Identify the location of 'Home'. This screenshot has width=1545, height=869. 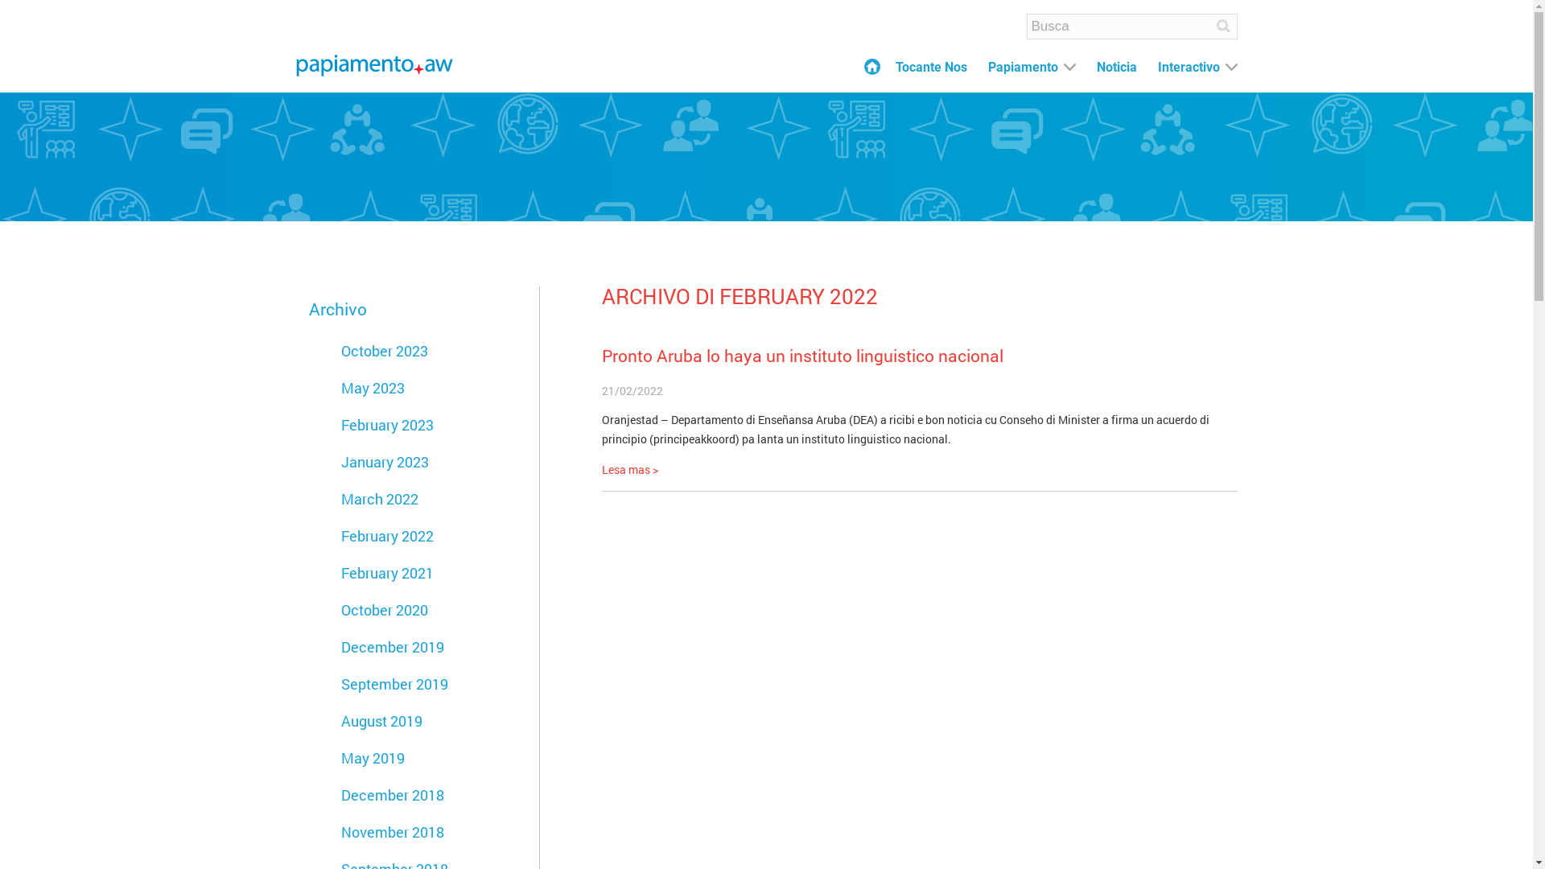
(863, 66).